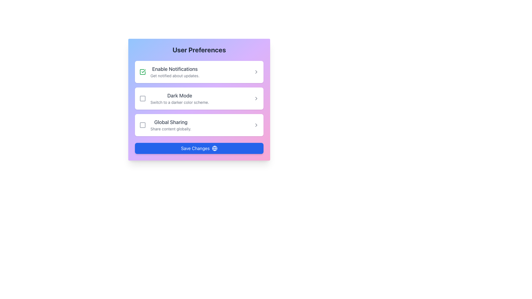  Describe the element at coordinates (256, 98) in the screenshot. I see `the gray chevron icon located to the right of the 'Dark Mode' option in the 'User Preferences' dialog` at that location.